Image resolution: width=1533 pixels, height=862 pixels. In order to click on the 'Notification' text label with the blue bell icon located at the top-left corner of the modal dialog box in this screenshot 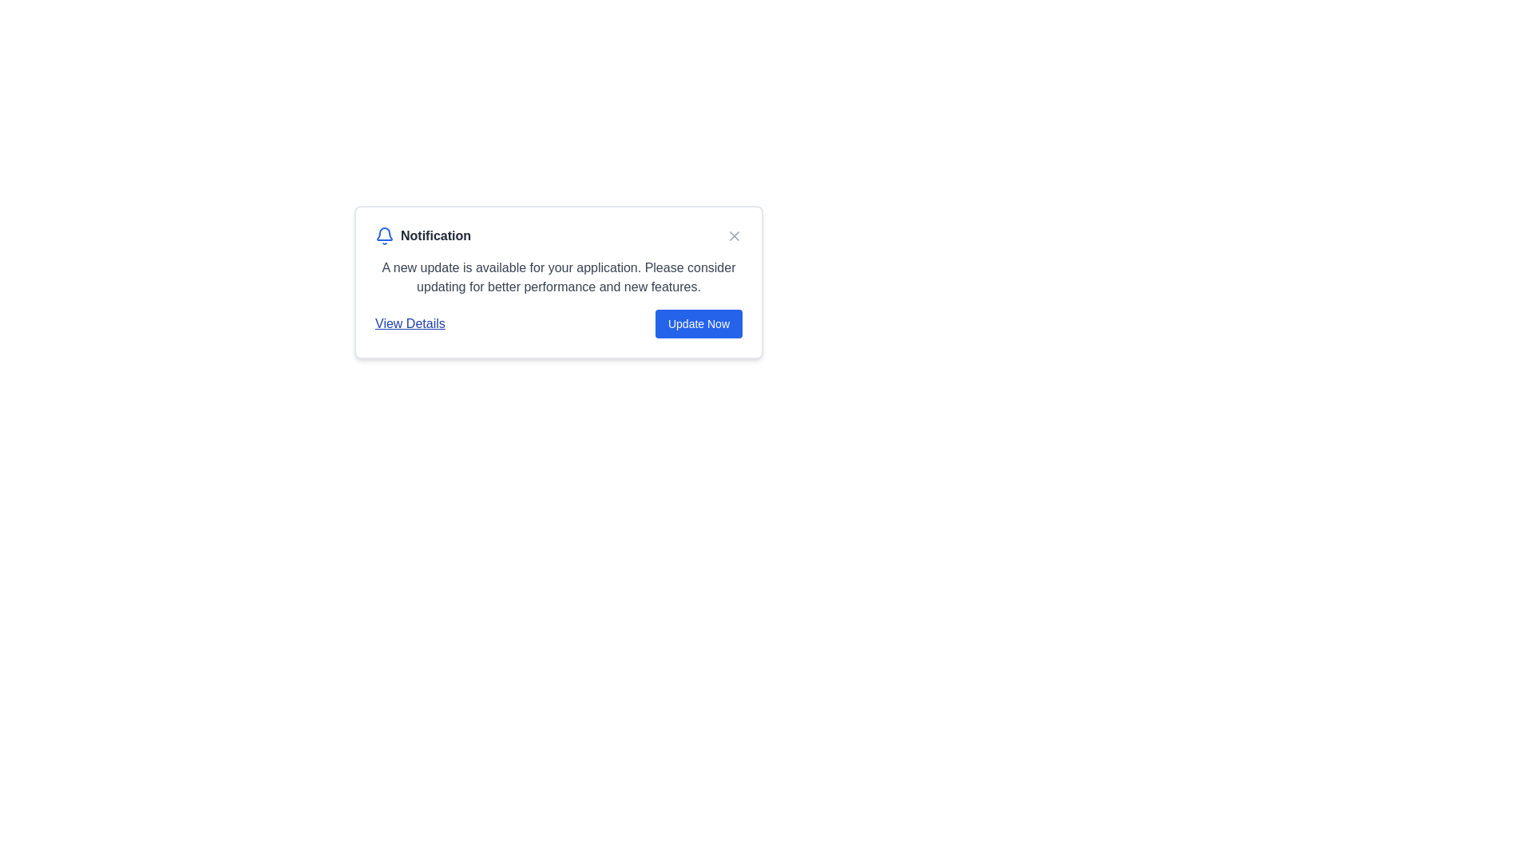, I will do `click(422, 236)`.